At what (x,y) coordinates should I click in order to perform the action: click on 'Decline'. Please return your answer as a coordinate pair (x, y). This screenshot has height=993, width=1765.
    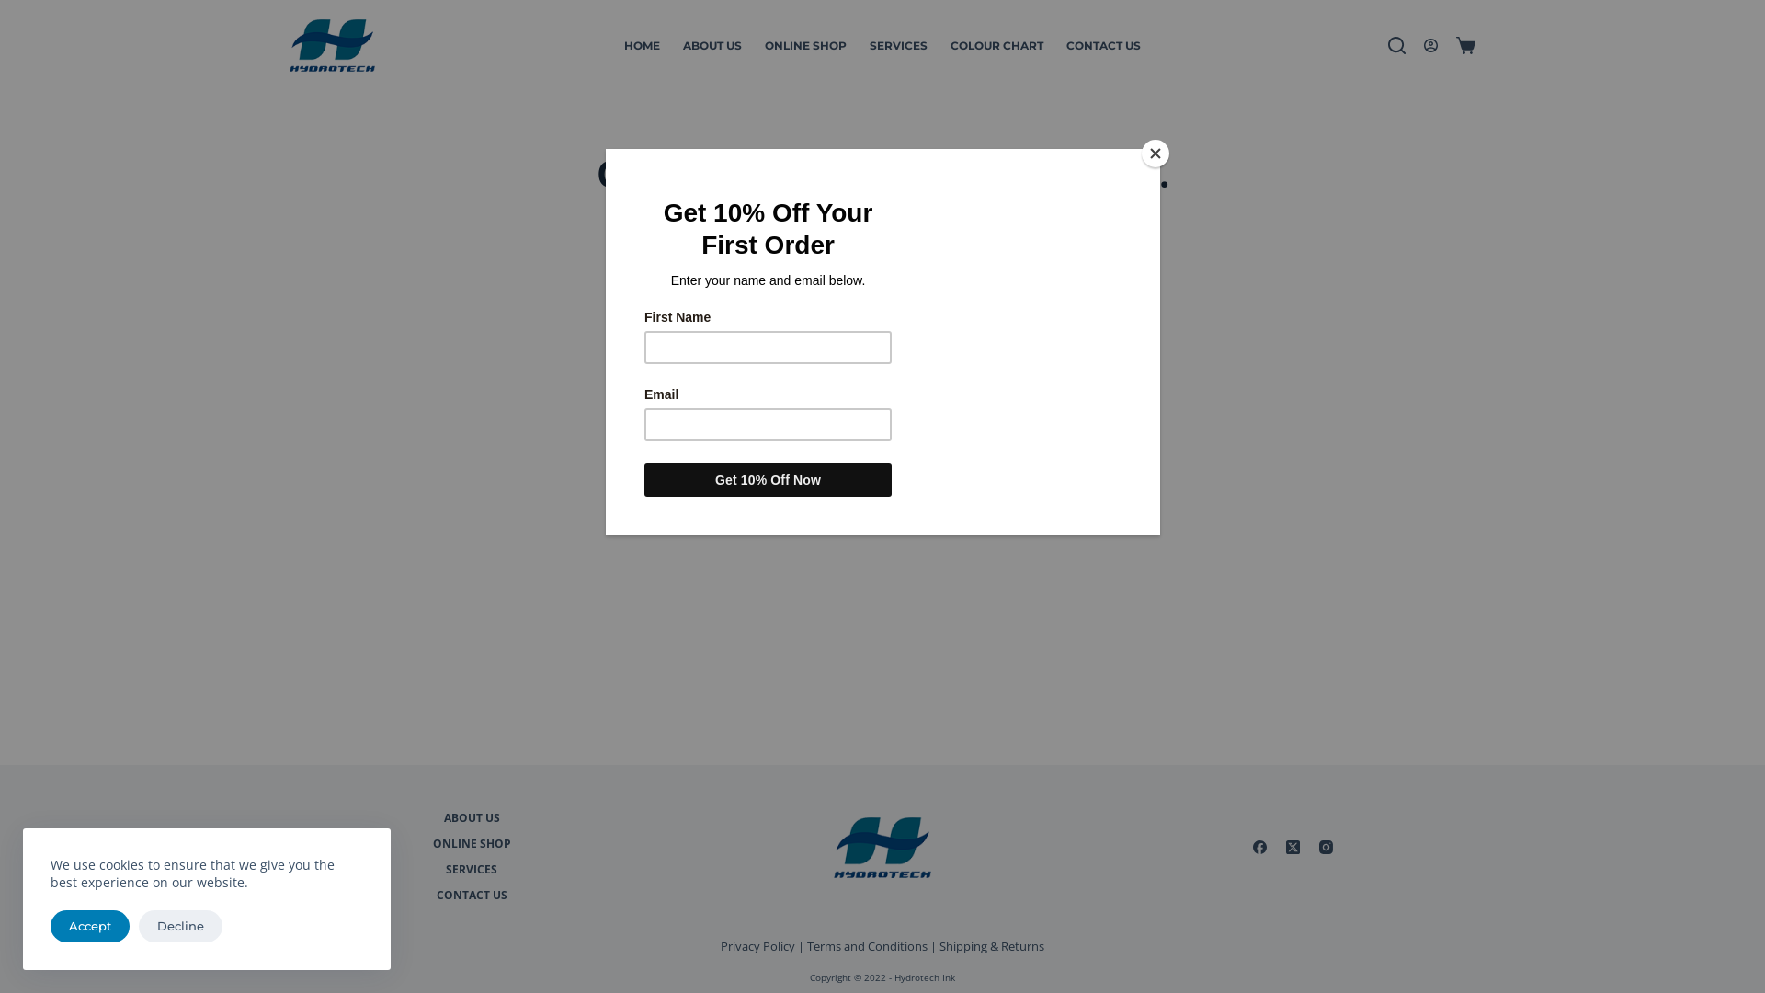
    Looking at the image, I should click on (180, 926).